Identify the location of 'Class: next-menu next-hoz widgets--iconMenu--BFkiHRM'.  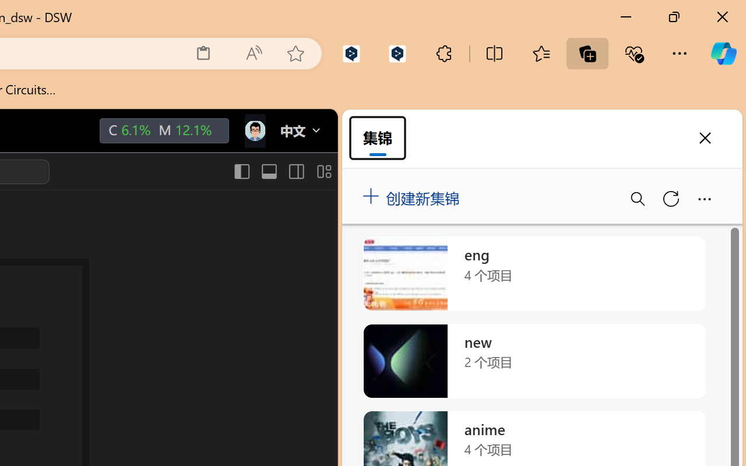
(254, 131).